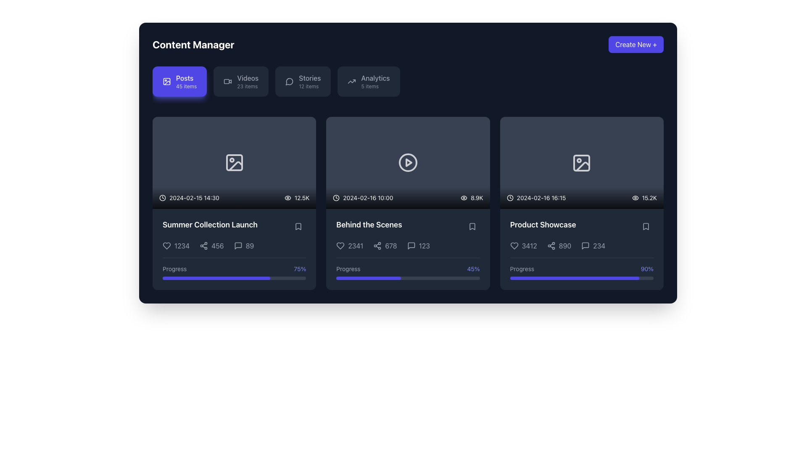 The height and width of the screenshot is (454, 807). Describe the element at coordinates (163, 198) in the screenshot. I see `the circular clock icon with thin strokes located to the left of the timestamp '2024-02-15 14:30' in the post details card` at that location.